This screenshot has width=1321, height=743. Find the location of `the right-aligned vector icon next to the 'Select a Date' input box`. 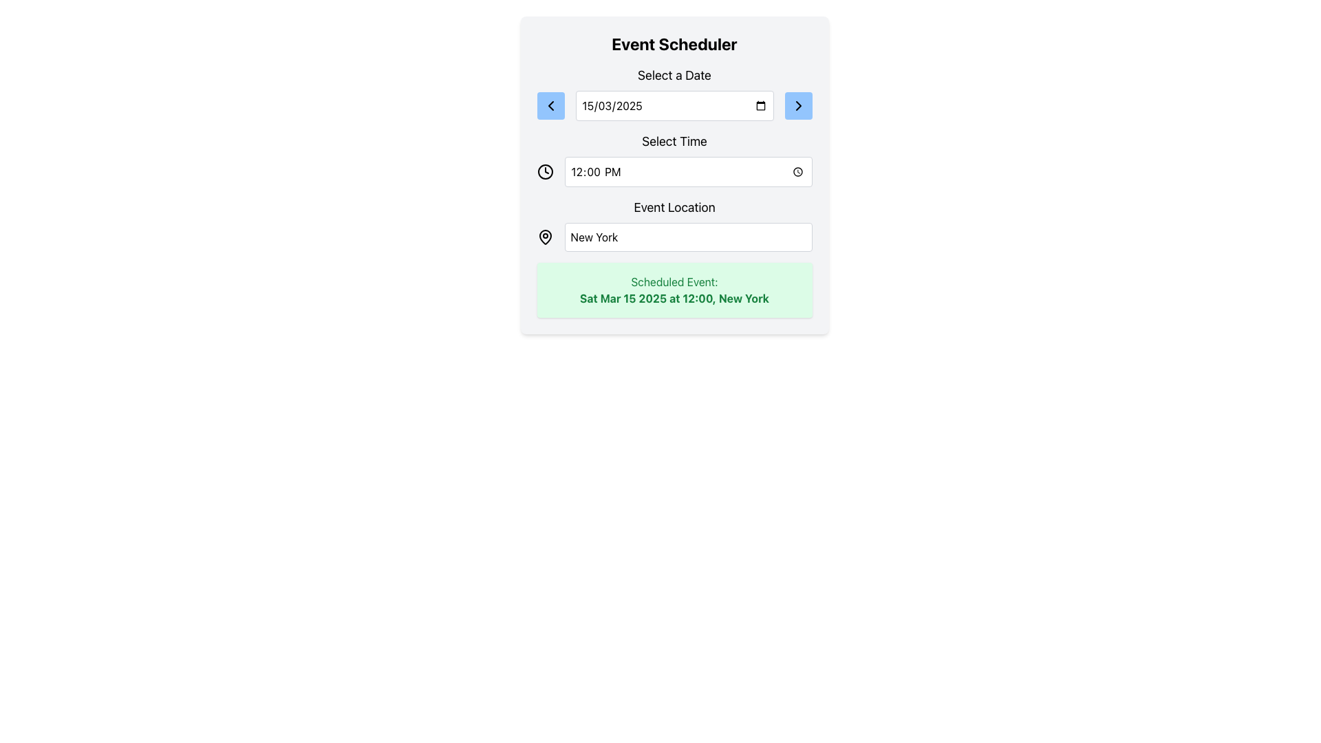

the right-aligned vector icon next to the 'Select a Date' input box is located at coordinates (798, 105).